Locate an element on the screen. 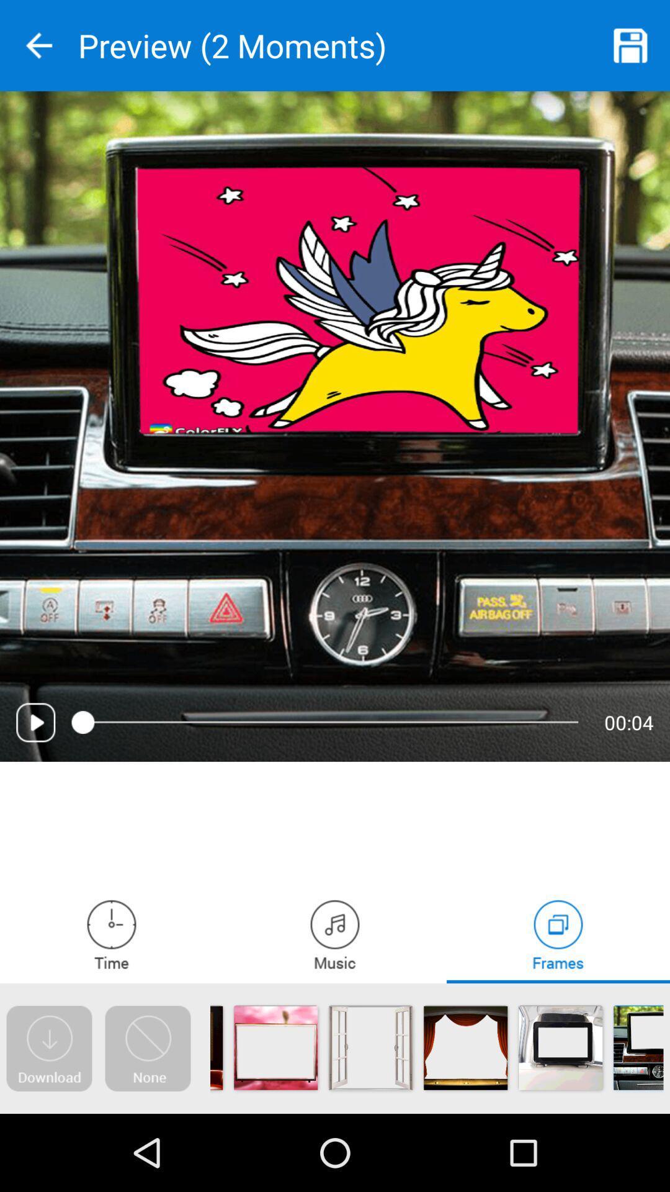 The image size is (670, 1192). choose a frame is located at coordinates (557, 934).